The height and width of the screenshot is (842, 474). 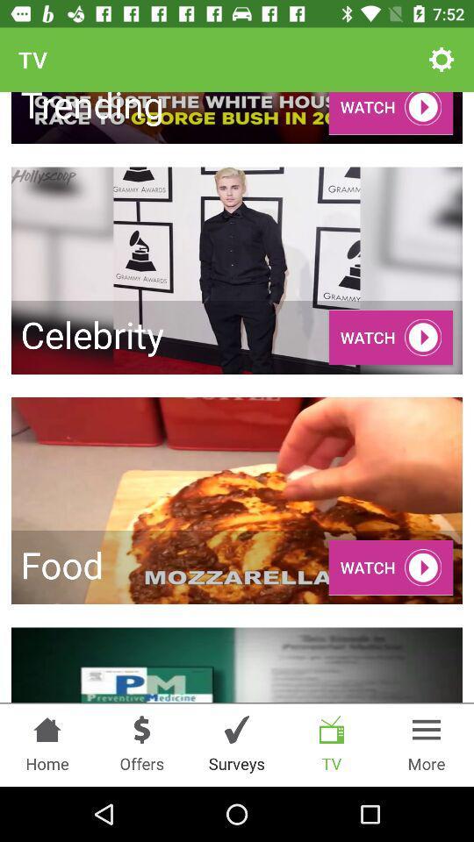 I want to click on the image with the text food, so click(x=237, y=501).